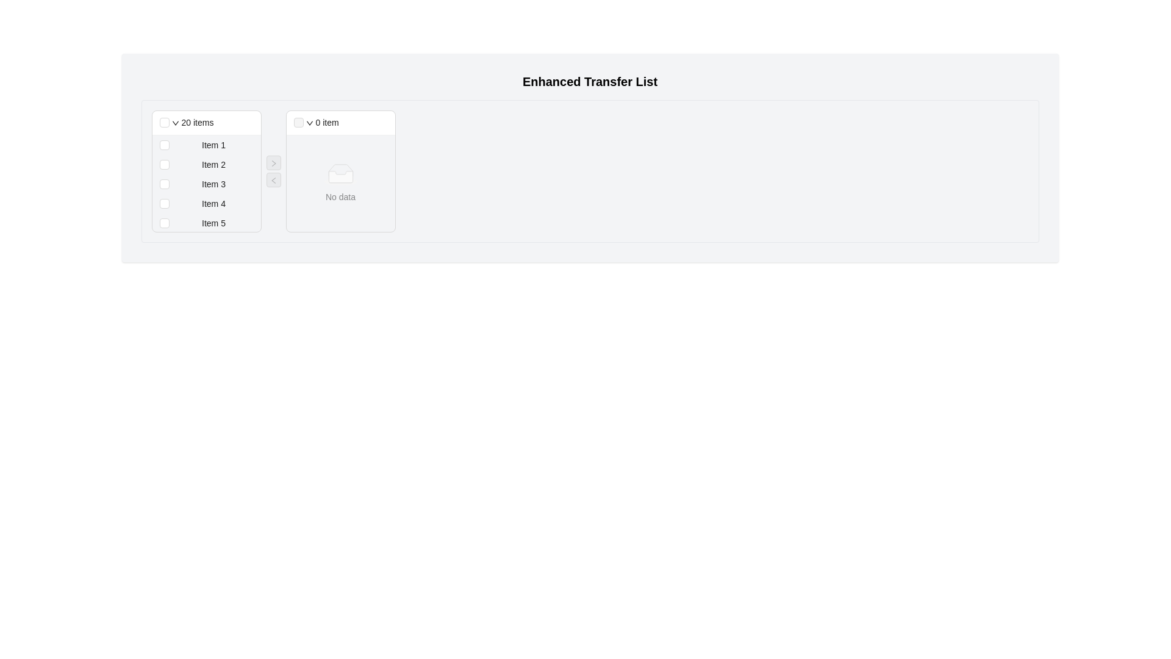  Describe the element at coordinates (213, 223) in the screenshot. I see `the text label identifying the fifth item in the list under the section titled '20 items'` at that location.